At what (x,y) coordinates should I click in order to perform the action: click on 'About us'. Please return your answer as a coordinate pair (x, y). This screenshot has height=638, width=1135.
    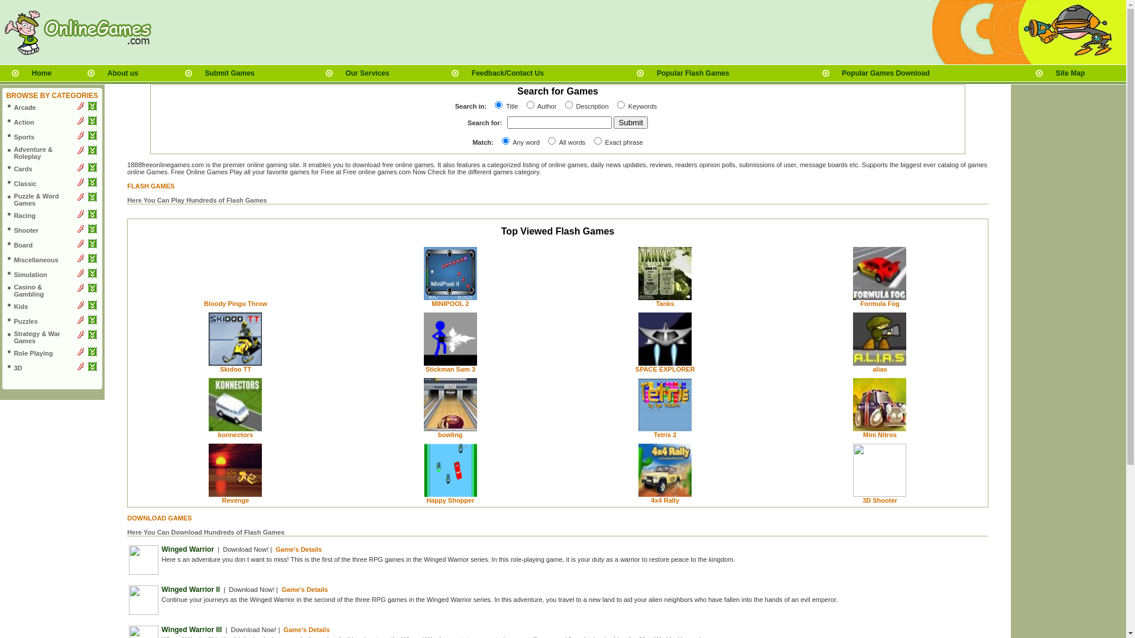
    Looking at the image, I should click on (122, 73).